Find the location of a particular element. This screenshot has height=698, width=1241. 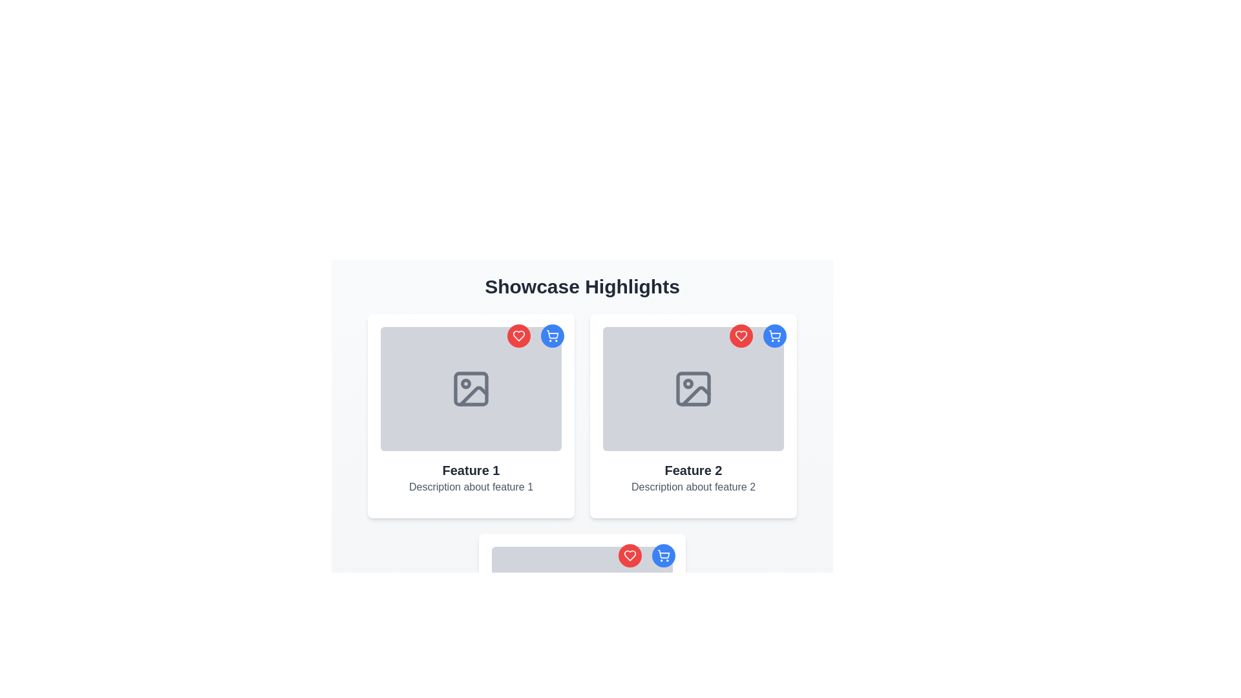

the Decorative circle element located in the upper-left corner of the image icon, which is smaller than its sibling elements and positioned within an SVG group is located at coordinates (465, 383).